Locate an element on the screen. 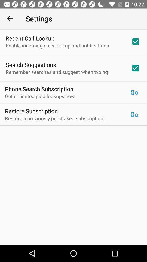 The image size is (147, 262). search suggestions icon is located at coordinates (31, 65).